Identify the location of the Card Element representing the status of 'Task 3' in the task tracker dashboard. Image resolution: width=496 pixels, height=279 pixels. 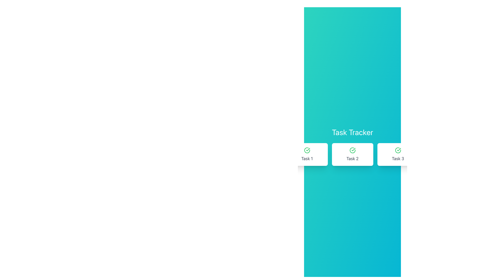
(398, 154).